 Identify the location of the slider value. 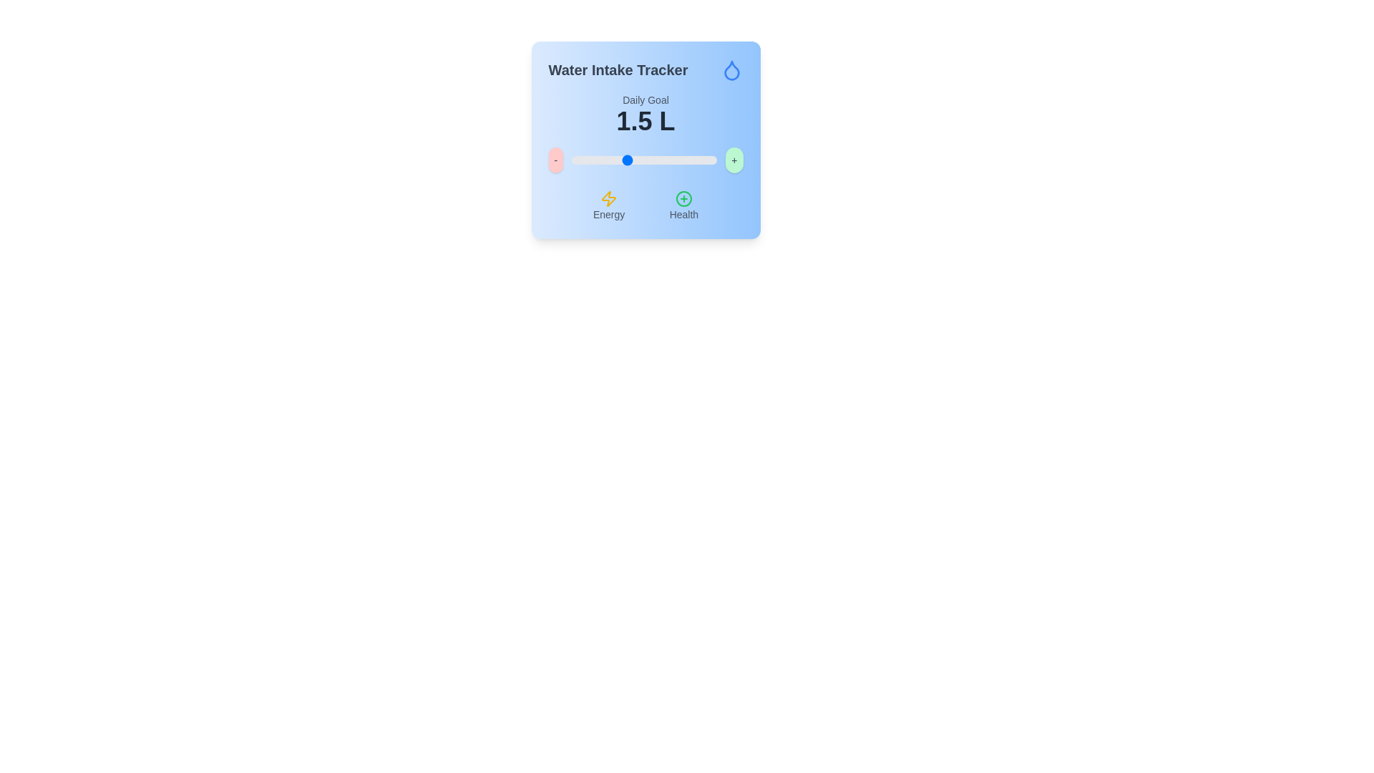
(680, 160).